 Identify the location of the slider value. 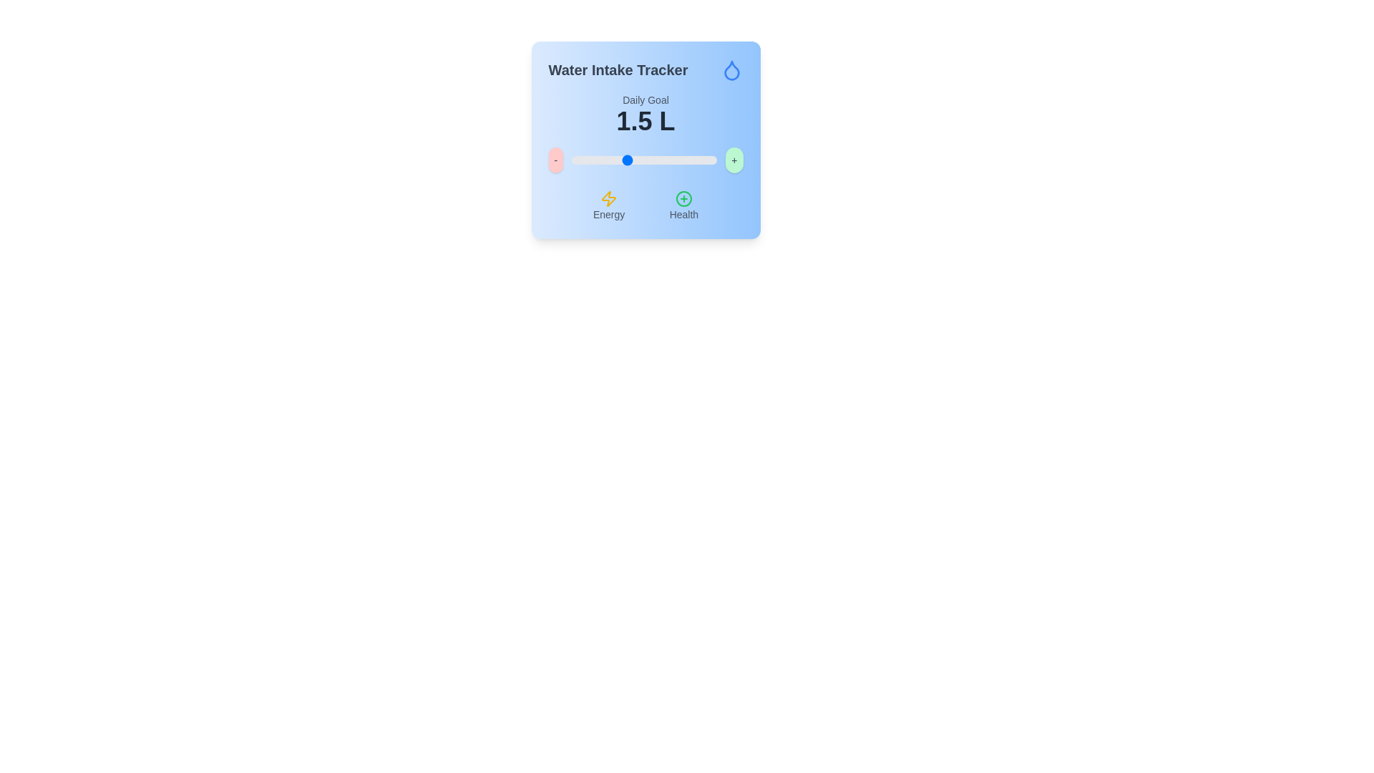
(680, 160).